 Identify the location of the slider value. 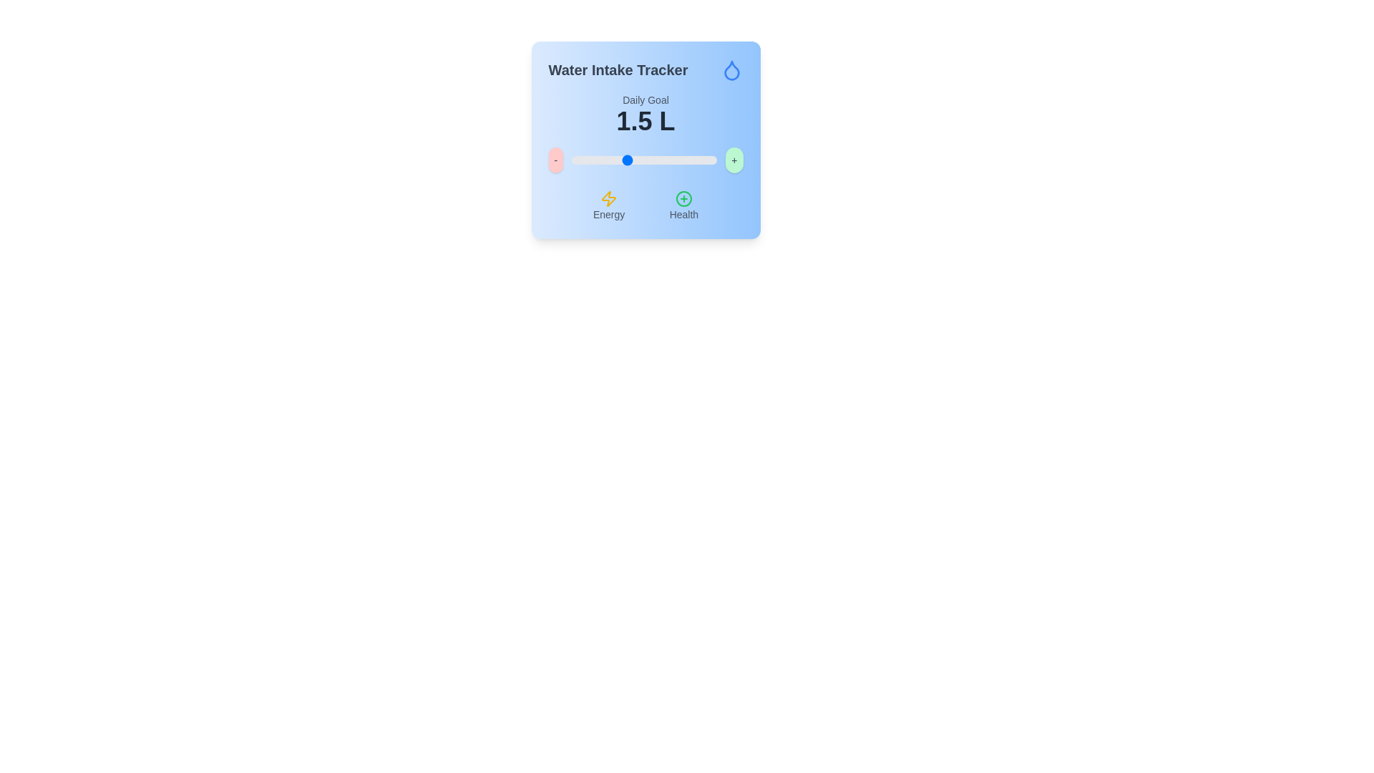
(680, 160).